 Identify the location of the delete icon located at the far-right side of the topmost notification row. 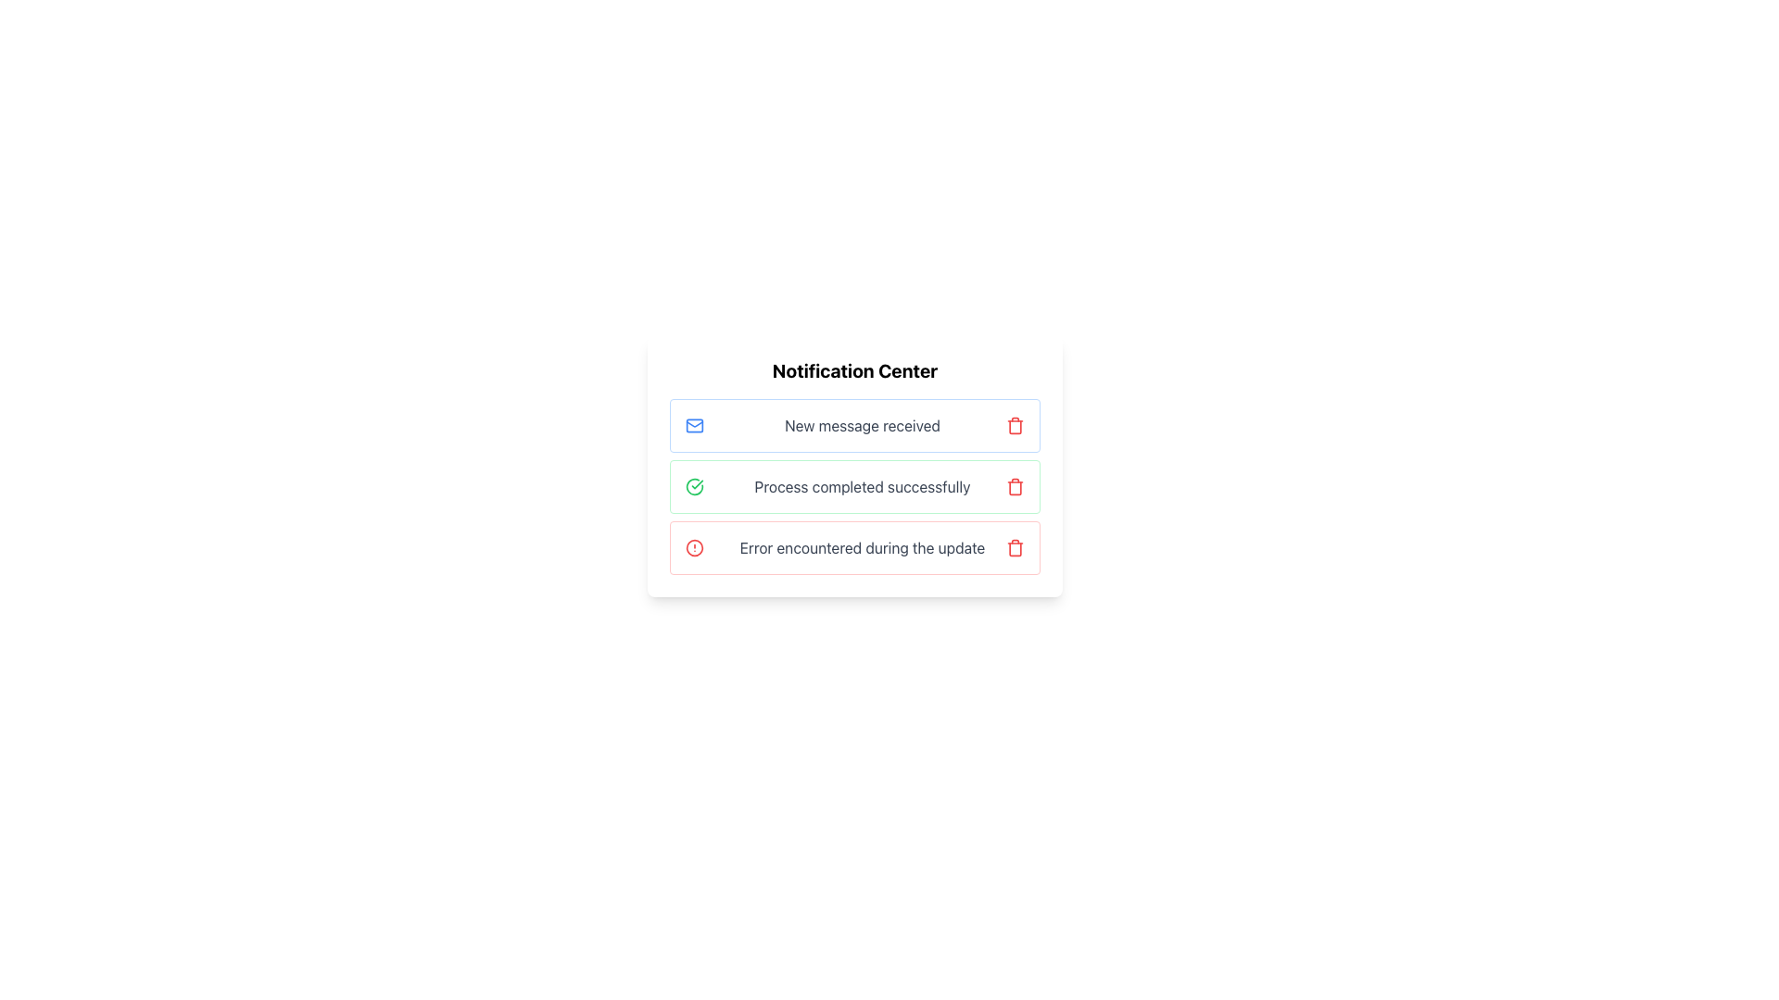
(1014, 425).